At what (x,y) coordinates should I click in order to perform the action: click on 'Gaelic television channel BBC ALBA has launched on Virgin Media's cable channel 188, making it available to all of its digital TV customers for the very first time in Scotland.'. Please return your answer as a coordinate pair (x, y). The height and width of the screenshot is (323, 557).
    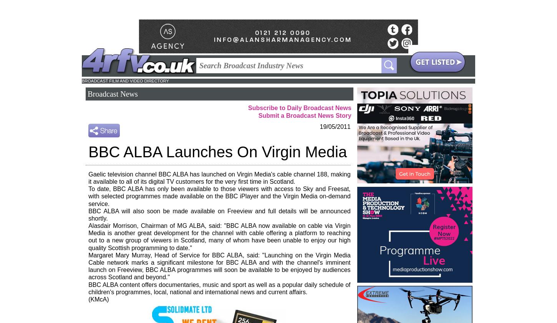
    Looking at the image, I should click on (219, 177).